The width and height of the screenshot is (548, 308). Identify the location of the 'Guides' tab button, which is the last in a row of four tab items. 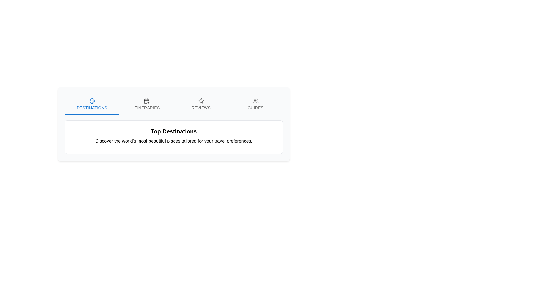
(255, 104).